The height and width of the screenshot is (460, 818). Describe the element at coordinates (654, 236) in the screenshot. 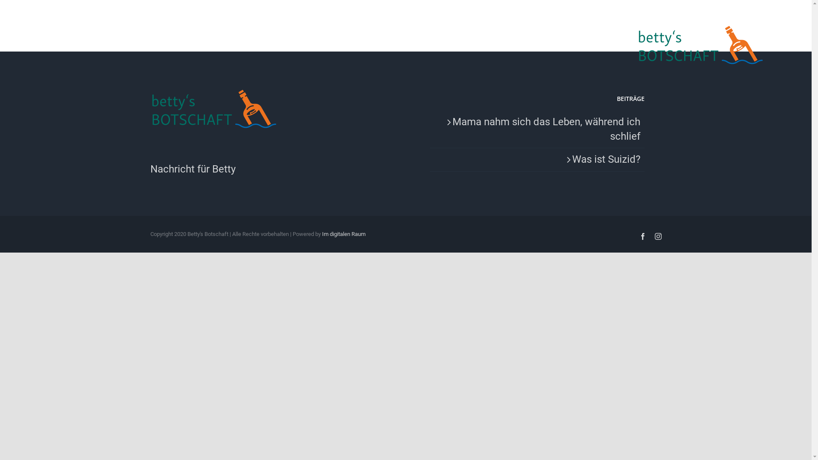

I see `'Instagram'` at that location.